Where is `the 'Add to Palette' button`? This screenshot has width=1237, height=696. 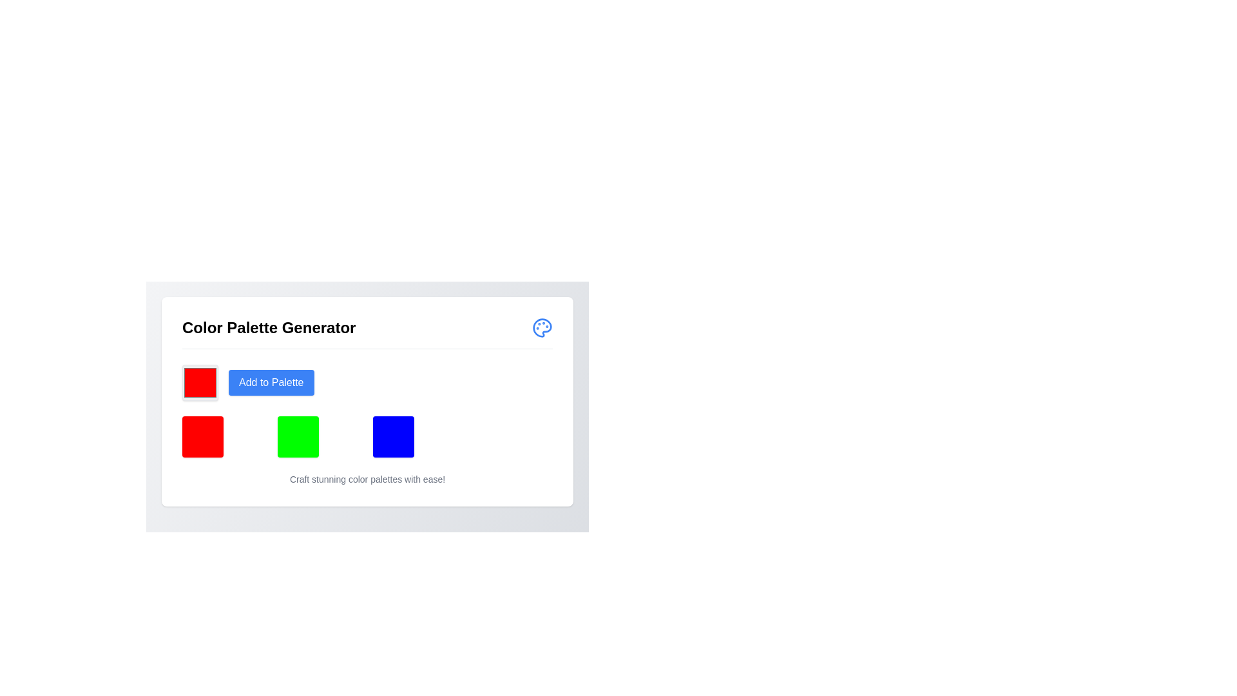 the 'Add to Palette' button is located at coordinates (271, 382).